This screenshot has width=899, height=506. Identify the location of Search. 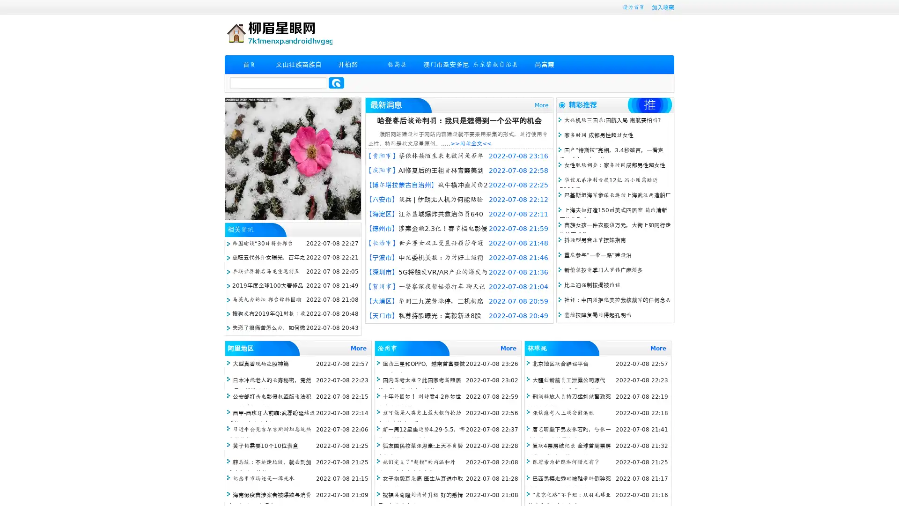
(336, 82).